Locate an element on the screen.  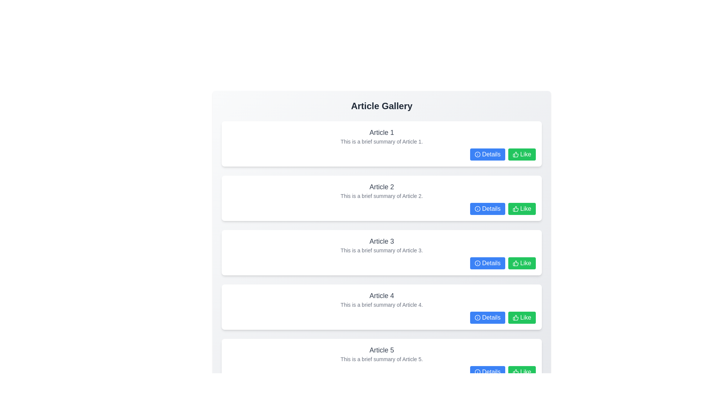
the leftmost button in the fourth row of interactive controls is located at coordinates (487, 317).